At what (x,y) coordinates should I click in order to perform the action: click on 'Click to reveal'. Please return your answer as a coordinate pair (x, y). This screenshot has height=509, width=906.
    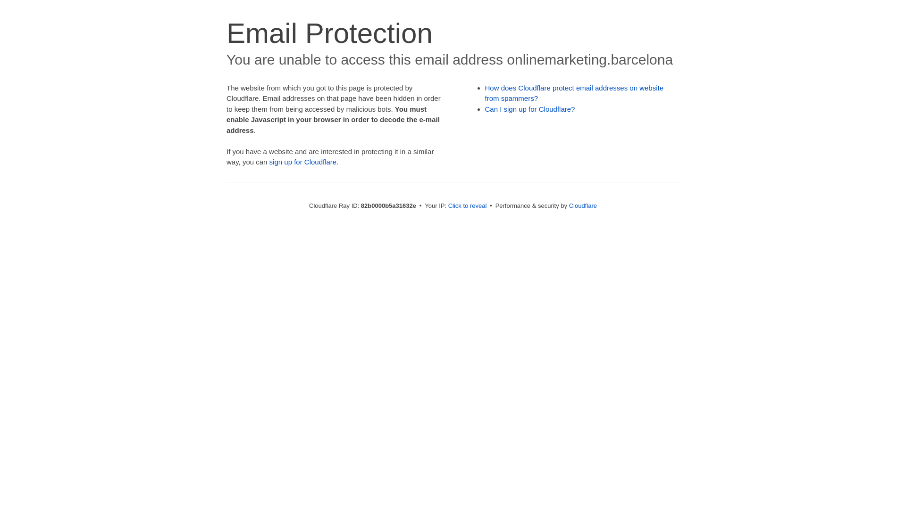
    Looking at the image, I should click on (467, 205).